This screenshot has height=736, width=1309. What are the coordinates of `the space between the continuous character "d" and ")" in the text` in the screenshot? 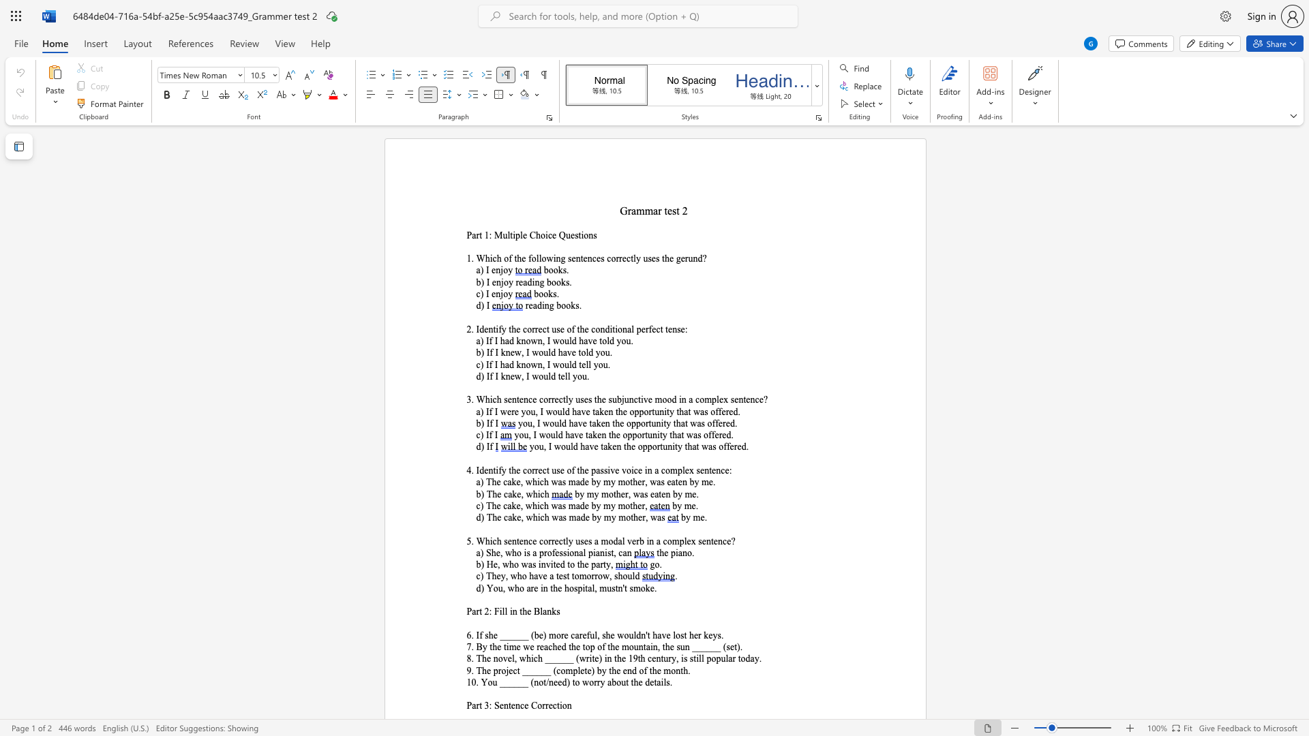 It's located at (566, 682).